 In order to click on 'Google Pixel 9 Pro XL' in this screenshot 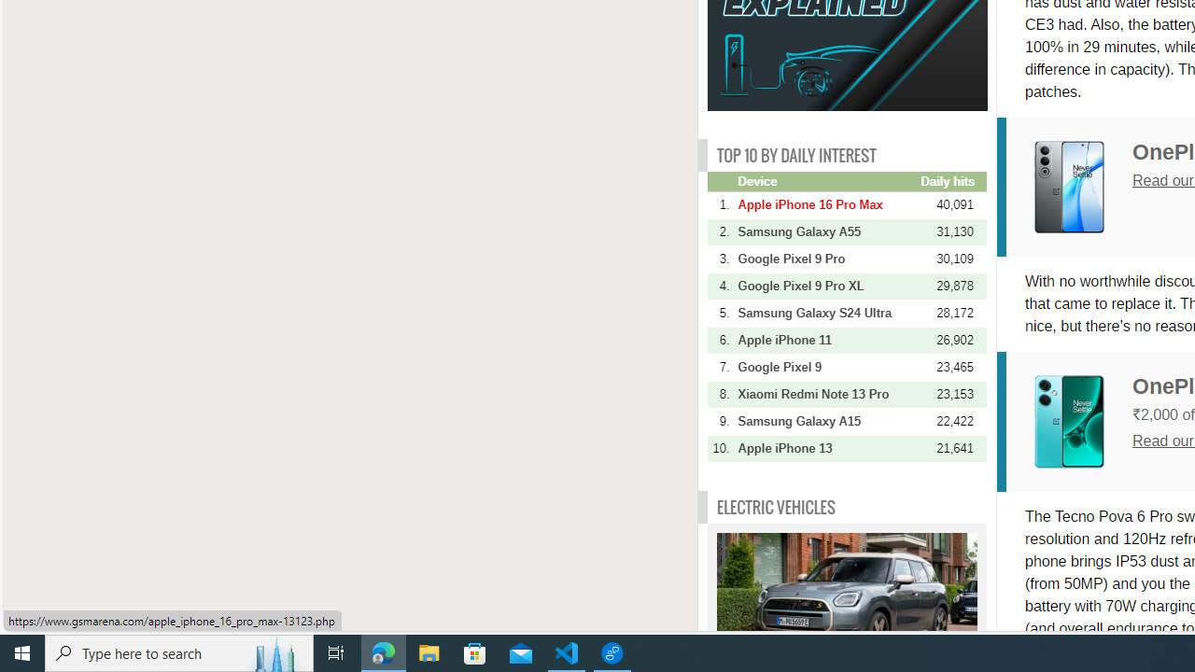, I will do `click(826, 286)`.